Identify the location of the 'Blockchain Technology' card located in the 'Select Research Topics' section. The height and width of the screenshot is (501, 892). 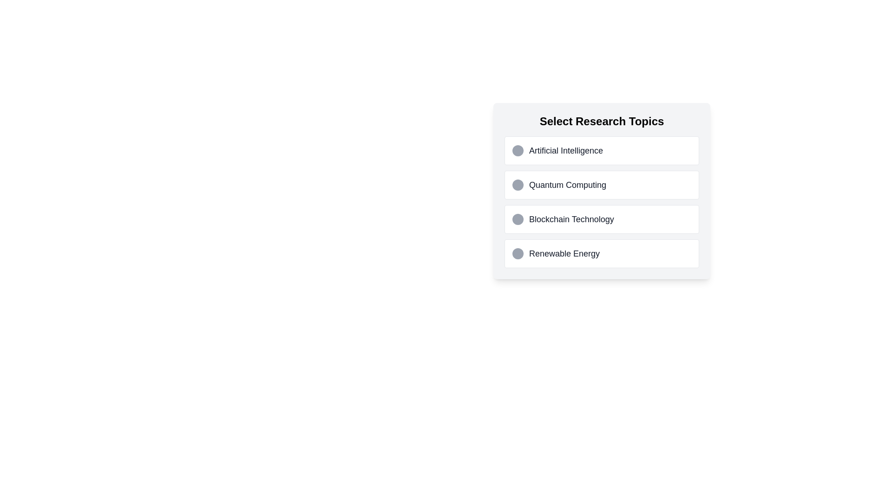
(602, 219).